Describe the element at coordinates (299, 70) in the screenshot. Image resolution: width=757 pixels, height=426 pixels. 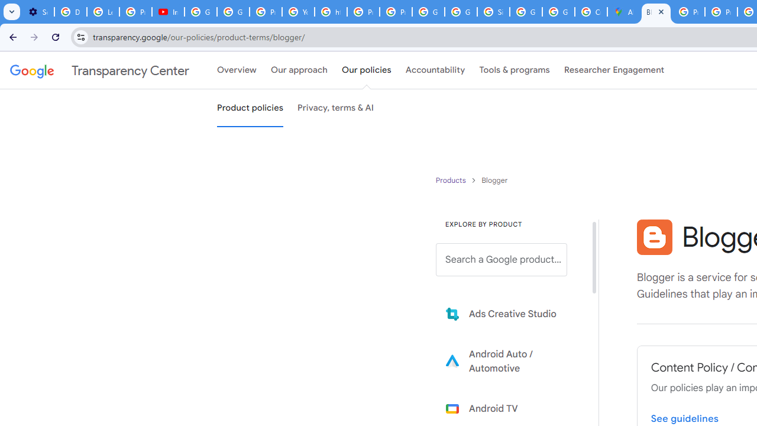
I see `'Our approach'` at that location.